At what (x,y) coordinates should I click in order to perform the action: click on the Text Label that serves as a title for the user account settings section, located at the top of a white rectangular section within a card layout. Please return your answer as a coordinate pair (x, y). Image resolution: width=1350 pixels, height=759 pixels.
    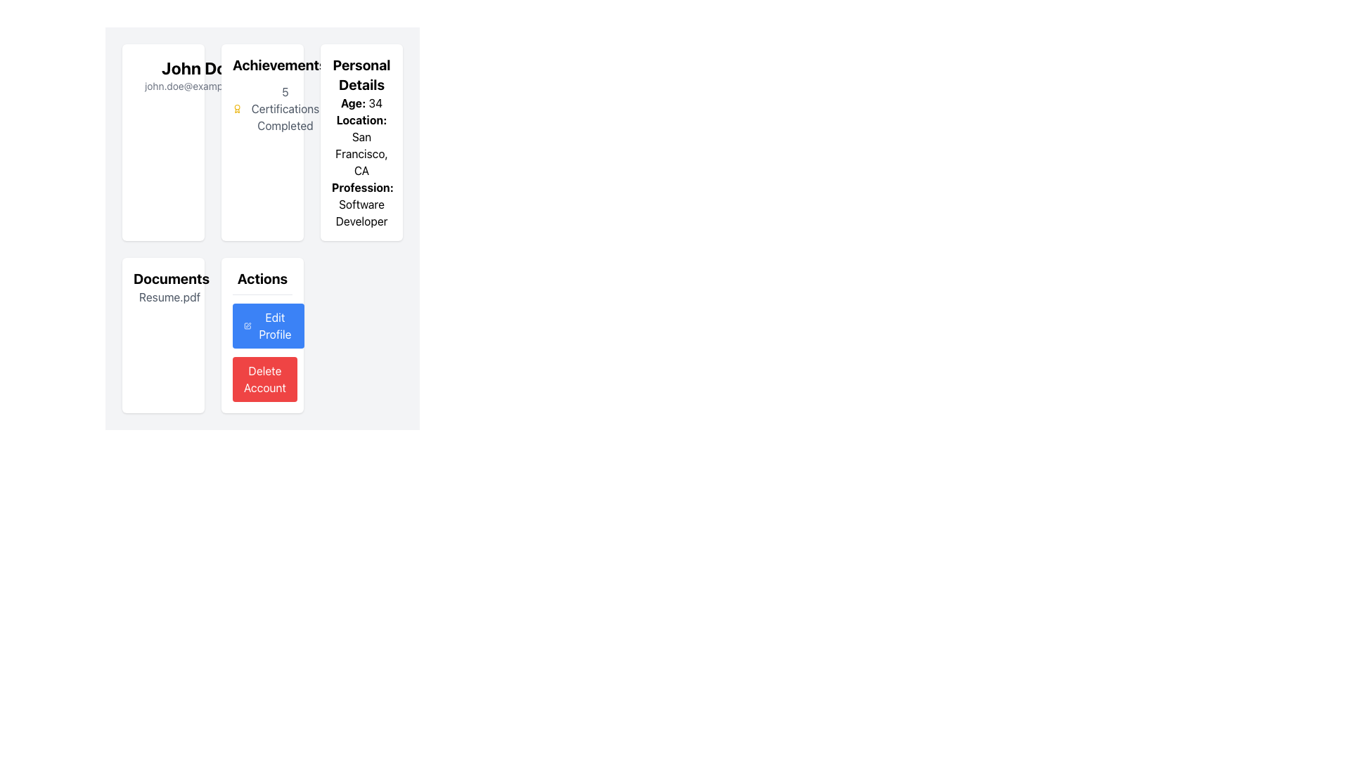
    Looking at the image, I should click on (262, 282).